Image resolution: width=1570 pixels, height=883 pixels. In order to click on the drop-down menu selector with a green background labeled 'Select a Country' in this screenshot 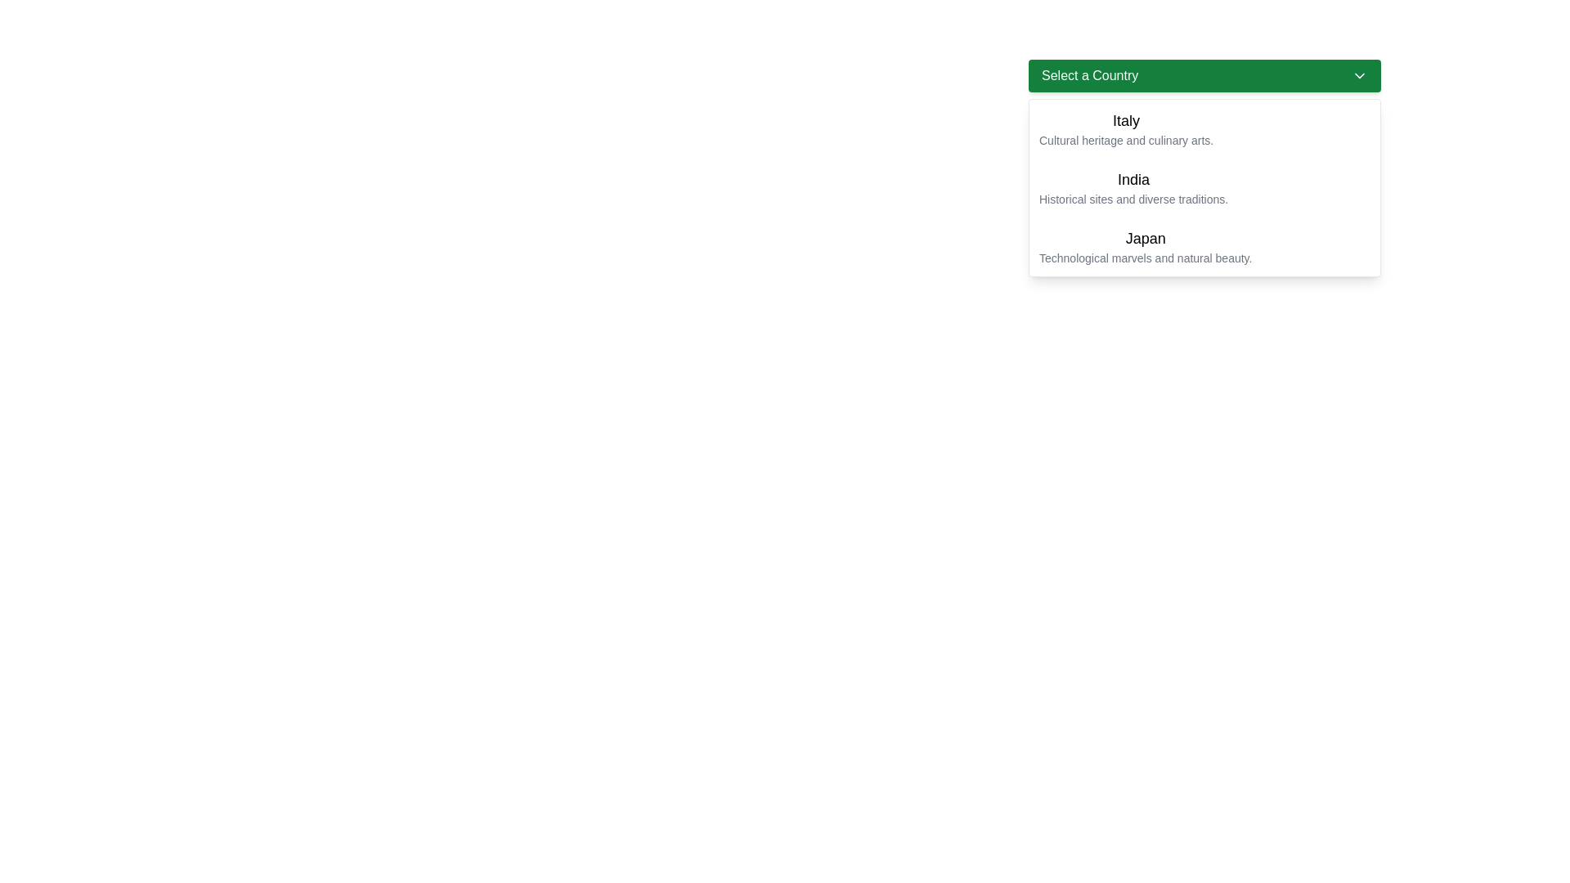, I will do `click(1204, 91)`.